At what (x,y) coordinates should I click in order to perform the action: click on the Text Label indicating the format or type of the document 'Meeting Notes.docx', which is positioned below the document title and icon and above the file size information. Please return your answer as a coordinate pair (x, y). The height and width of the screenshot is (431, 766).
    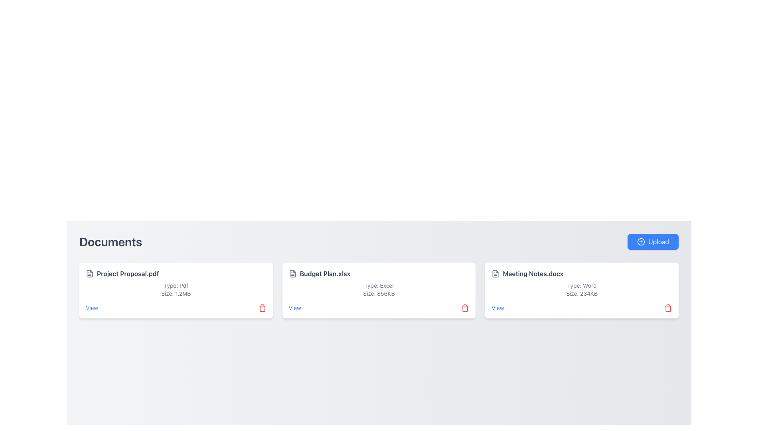
    Looking at the image, I should click on (582, 285).